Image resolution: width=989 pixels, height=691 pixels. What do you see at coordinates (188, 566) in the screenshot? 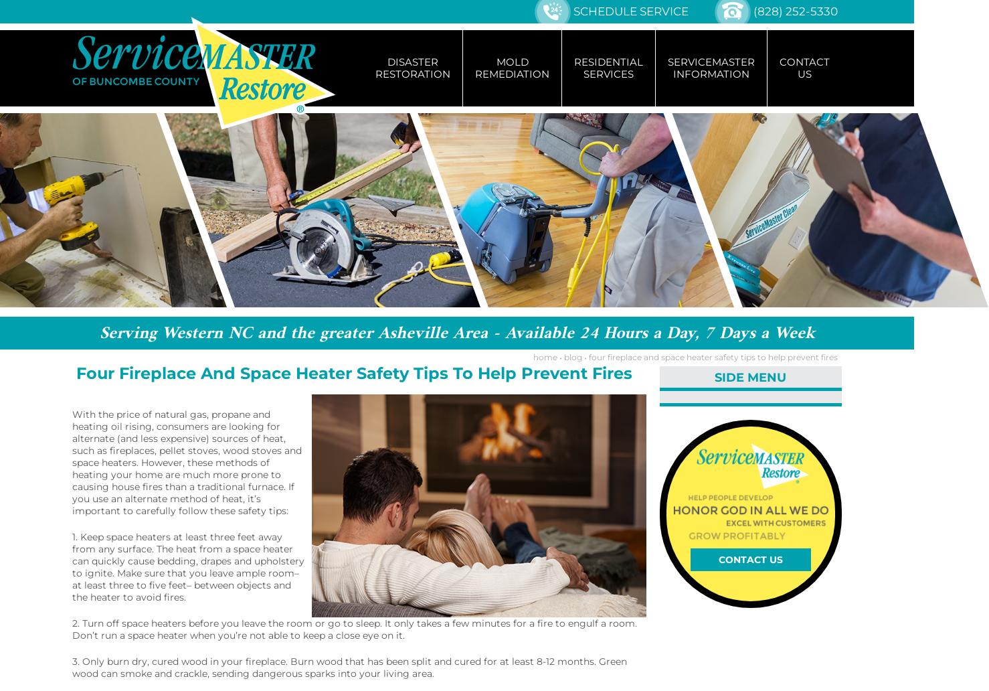
I see `'1. Keep space heaters at least three feet away from any surface. The heat from a space heater can quickly cause bedding, drapes and upholstery to ignite. Make sure that you leave ample room–at least three to five feet– between objects and the heater to avoid fires.'` at bounding box center [188, 566].